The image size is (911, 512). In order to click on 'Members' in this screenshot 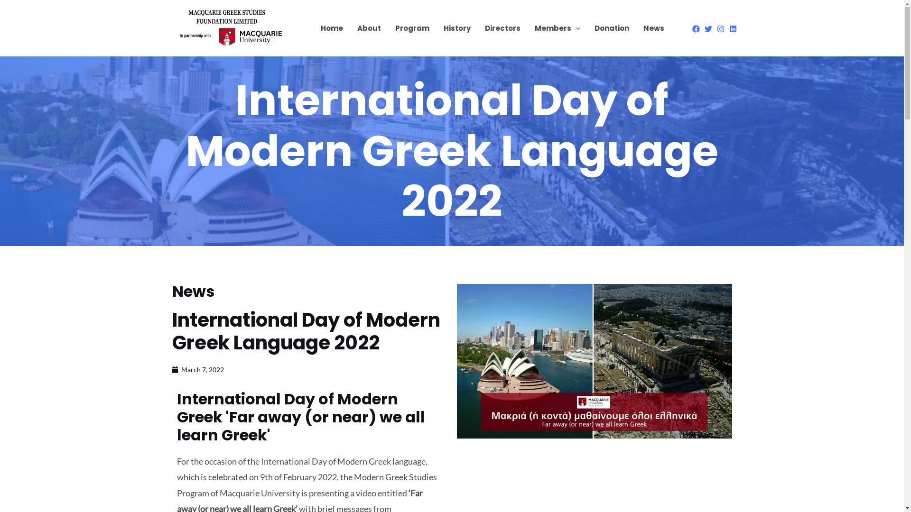, I will do `click(558, 28)`.